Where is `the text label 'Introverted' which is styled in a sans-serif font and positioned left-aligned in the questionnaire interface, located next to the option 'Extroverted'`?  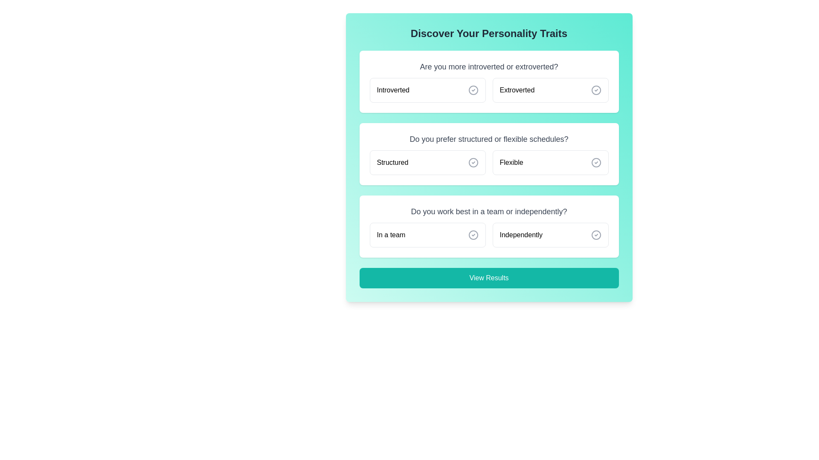
the text label 'Introverted' which is styled in a sans-serif font and positioned left-aligned in the questionnaire interface, located next to the option 'Extroverted' is located at coordinates (392, 90).